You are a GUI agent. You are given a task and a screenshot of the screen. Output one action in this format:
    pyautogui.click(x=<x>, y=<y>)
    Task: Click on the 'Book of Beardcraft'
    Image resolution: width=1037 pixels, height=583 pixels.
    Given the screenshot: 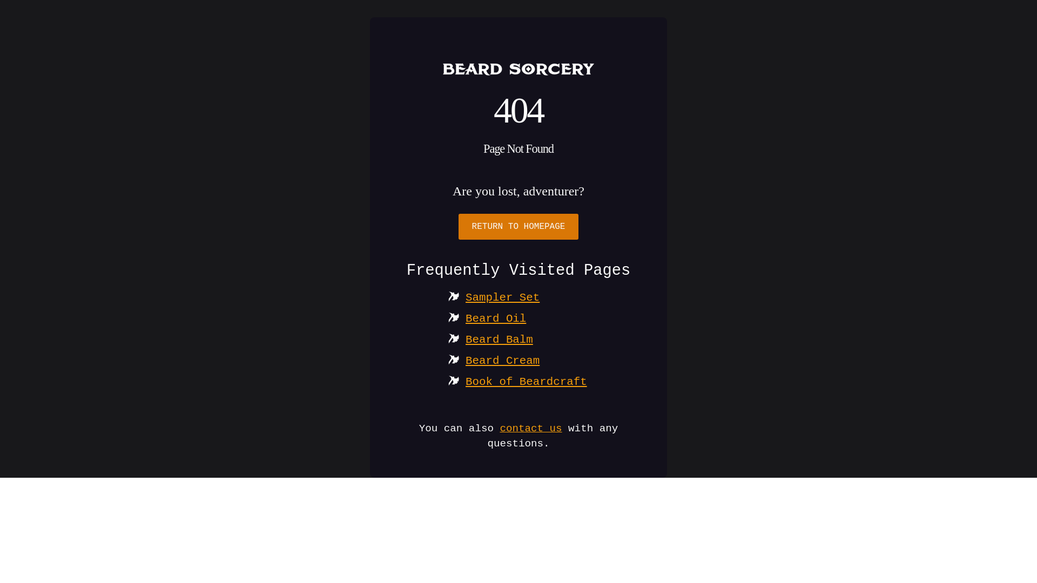 What is the action you would take?
    pyautogui.click(x=526, y=381)
    